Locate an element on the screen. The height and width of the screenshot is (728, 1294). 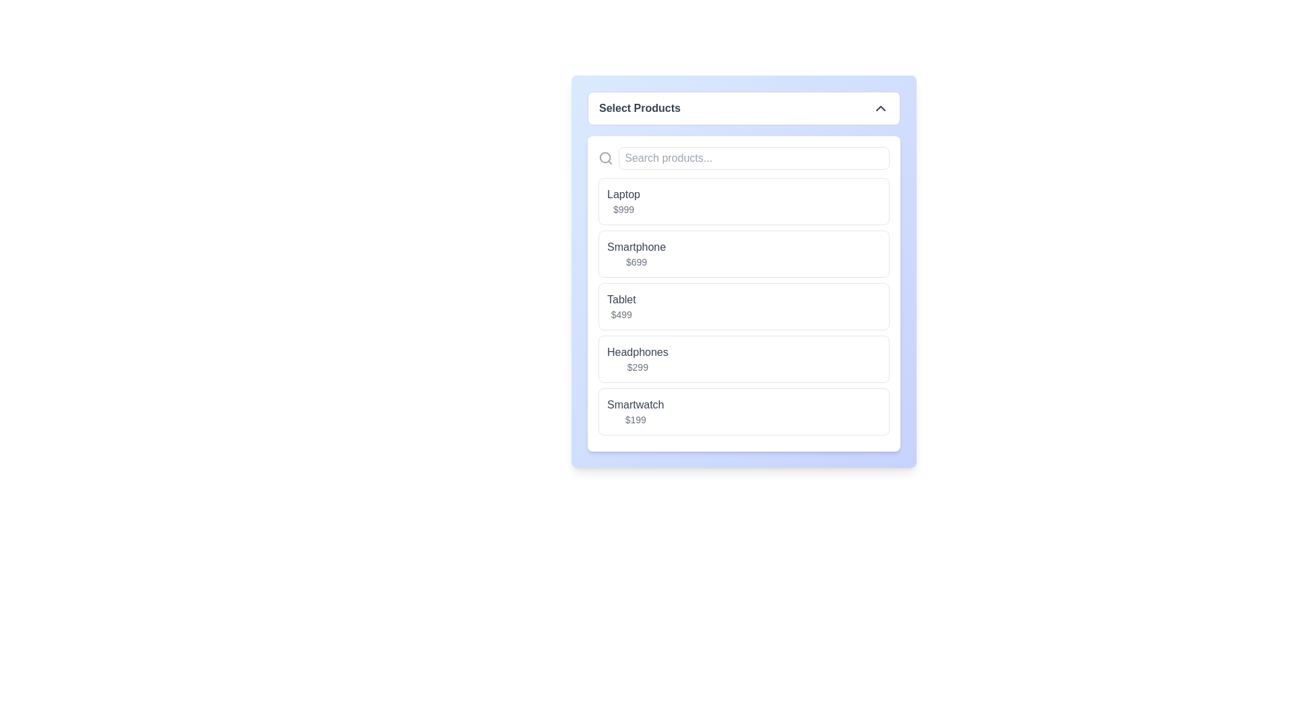
the first product selection entry labeled 'Laptop' with a price of '$999' in the product selection interface is located at coordinates (743, 202).